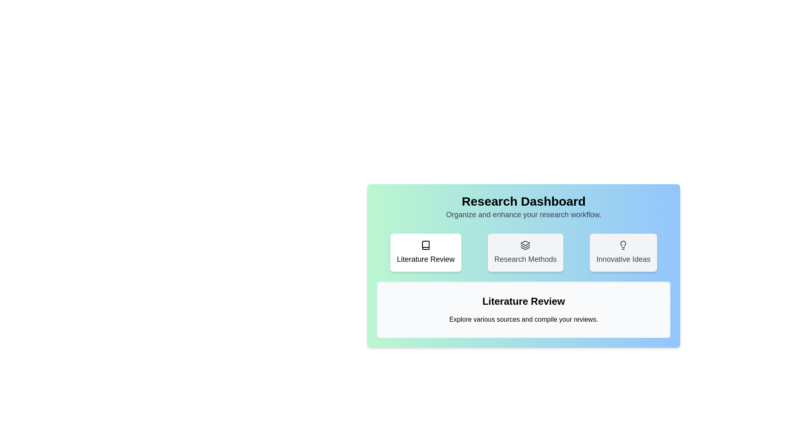 Image resolution: width=793 pixels, height=446 pixels. Describe the element at coordinates (525, 252) in the screenshot. I see `the 'Research Methods' button` at that location.